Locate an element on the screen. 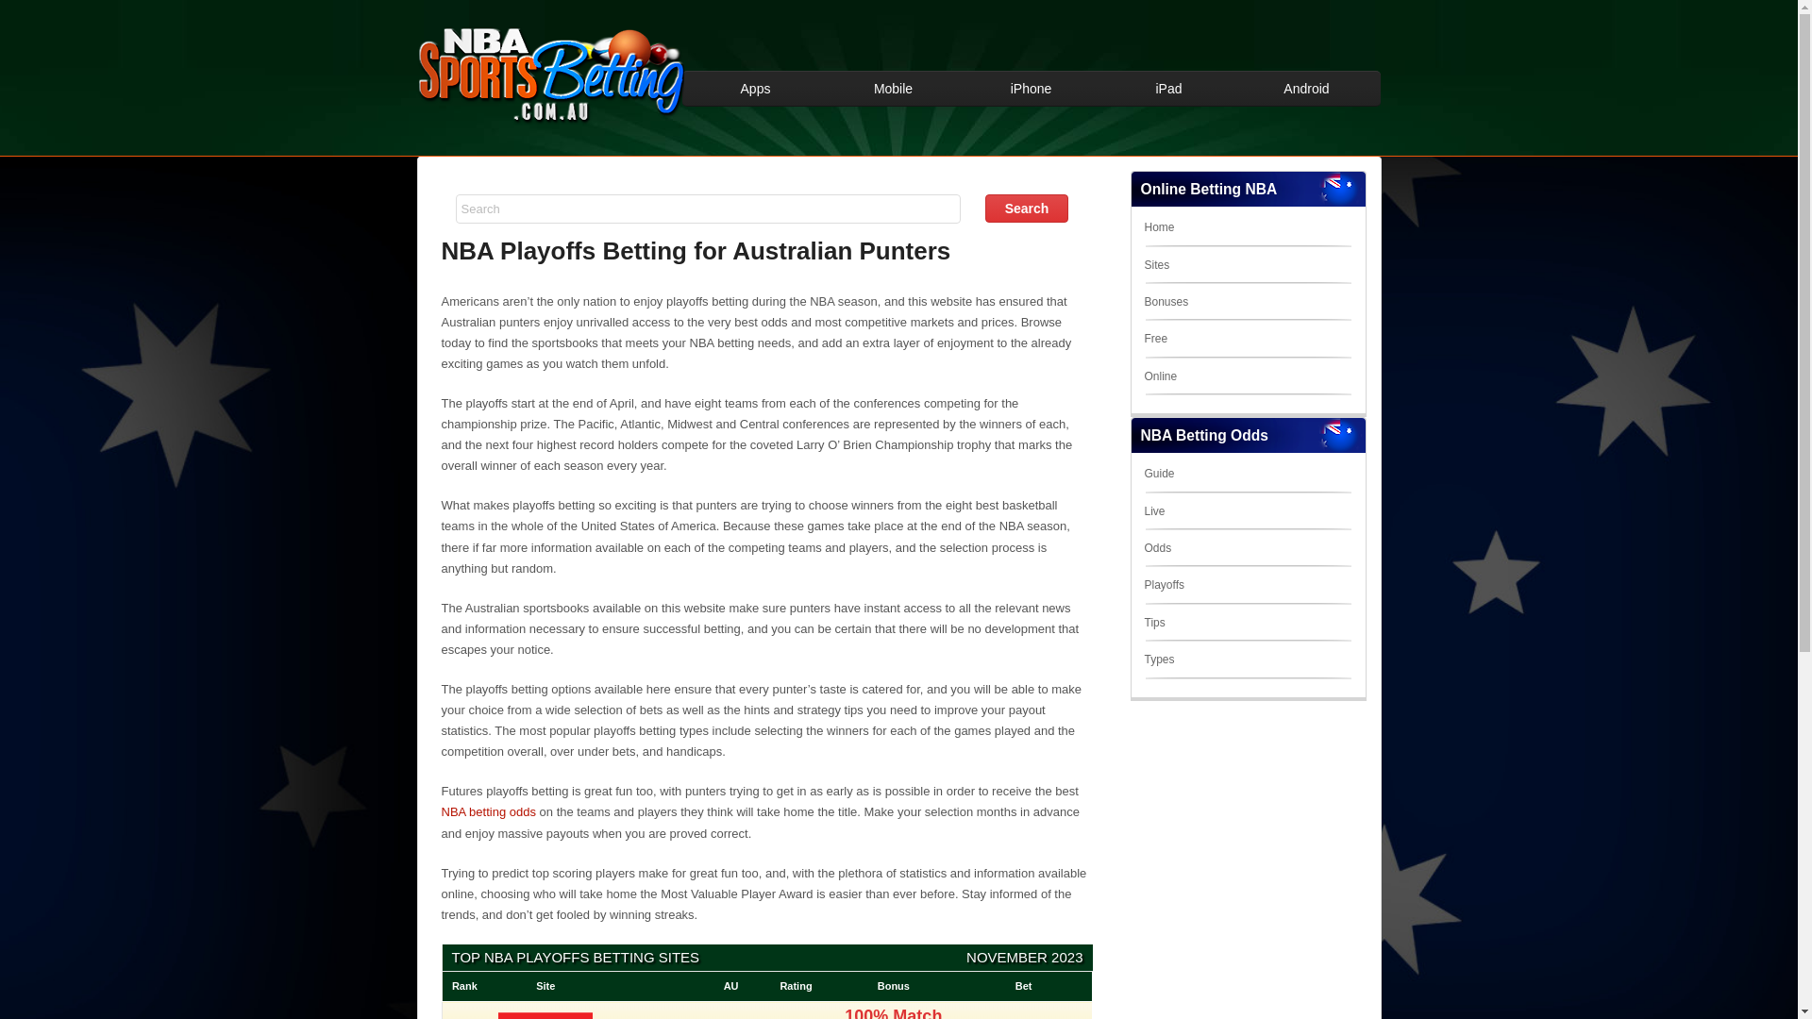 Image resolution: width=1812 pixels, height=1019 pixels. 'Search' is located at coordinates (1026, 208).